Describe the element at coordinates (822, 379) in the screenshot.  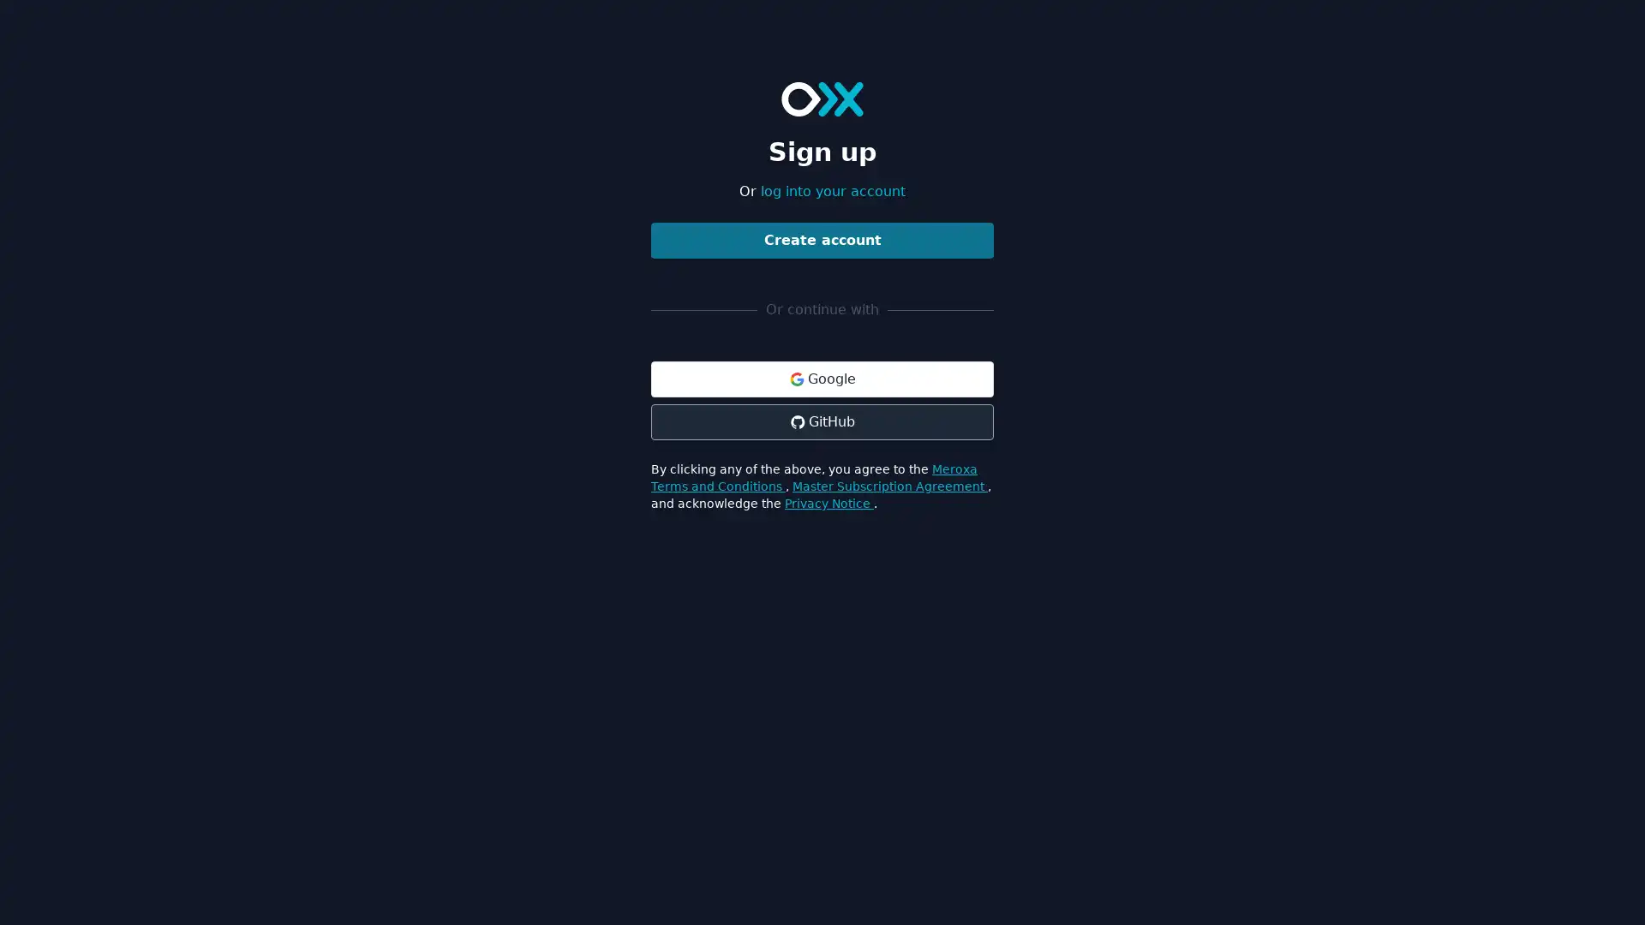
I see `Google Google` at that location.